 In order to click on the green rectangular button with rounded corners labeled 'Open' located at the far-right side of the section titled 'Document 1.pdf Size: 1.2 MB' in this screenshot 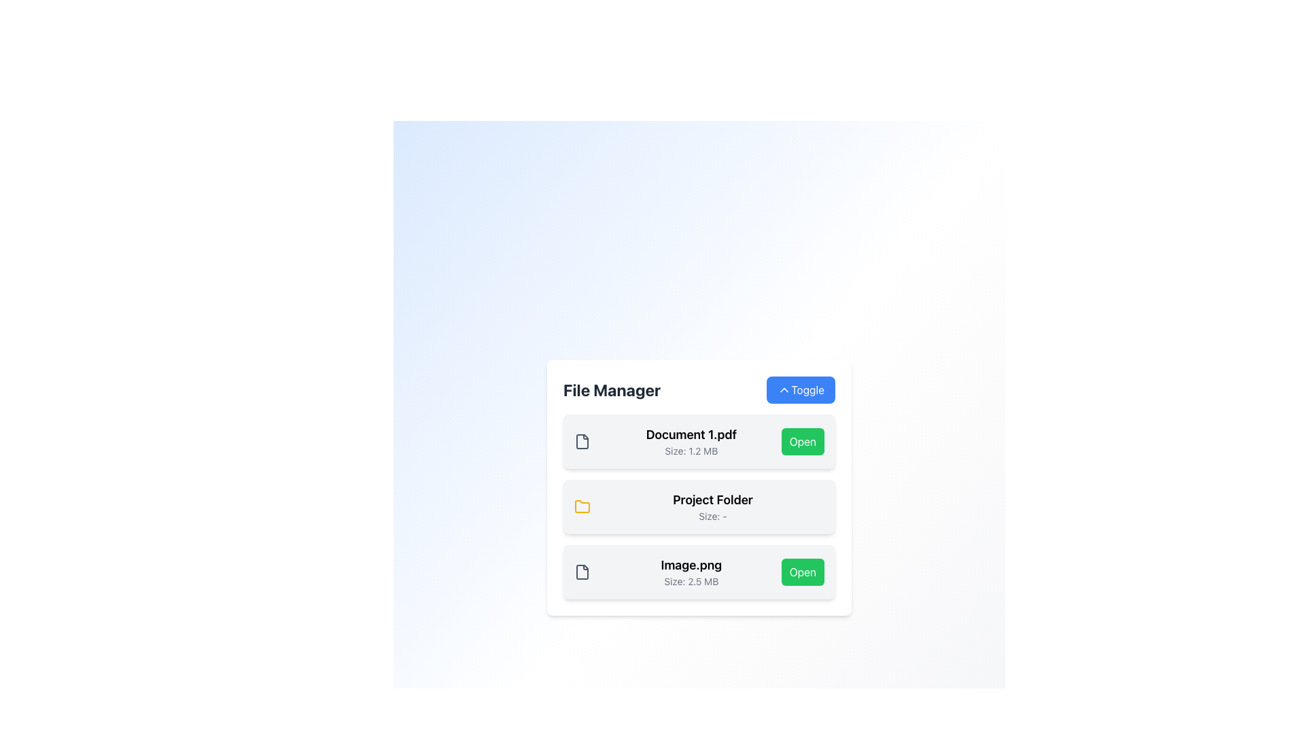, I will do `click(803, 442)`.